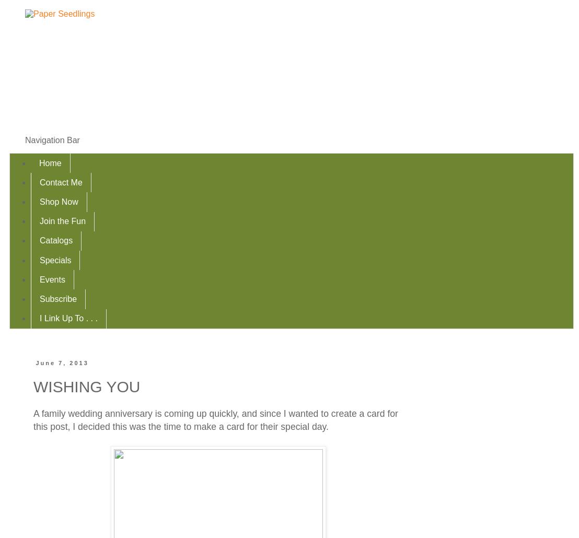 The width and height of the screenshot is (579, 538). What do you see at coordinates (59, 201) in the screenshot?
I see `'Shop Now'` at bounding box center [59, 201].